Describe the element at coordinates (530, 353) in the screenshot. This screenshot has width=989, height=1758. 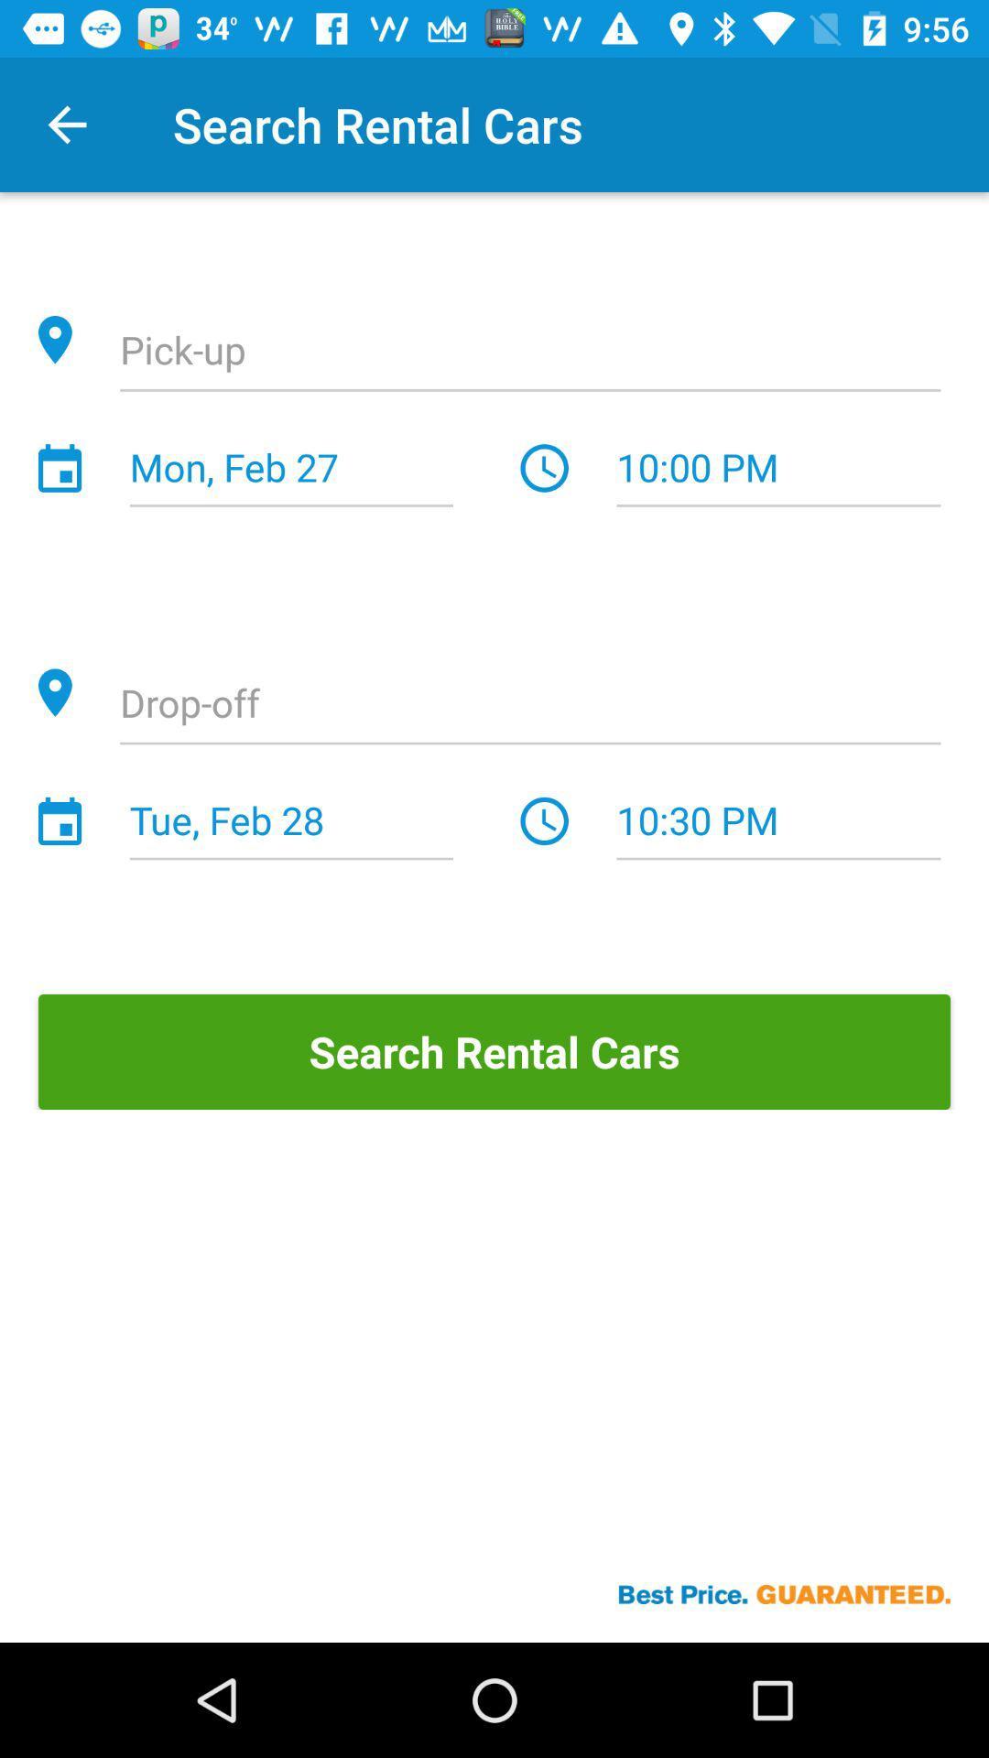
I see `detail of location for pick up` at that location.